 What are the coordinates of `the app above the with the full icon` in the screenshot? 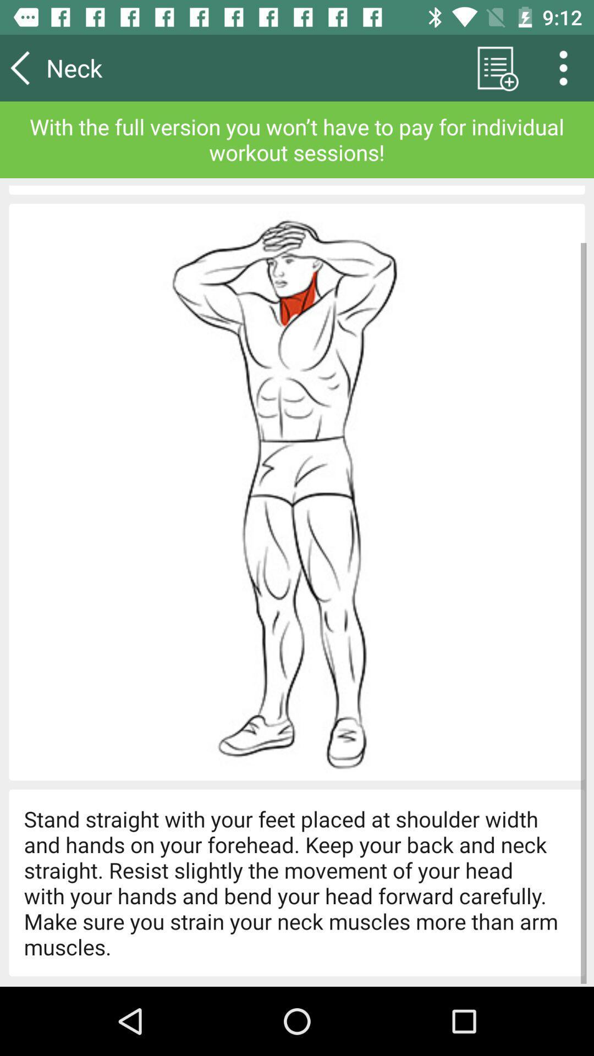 It's located at (495, 67).